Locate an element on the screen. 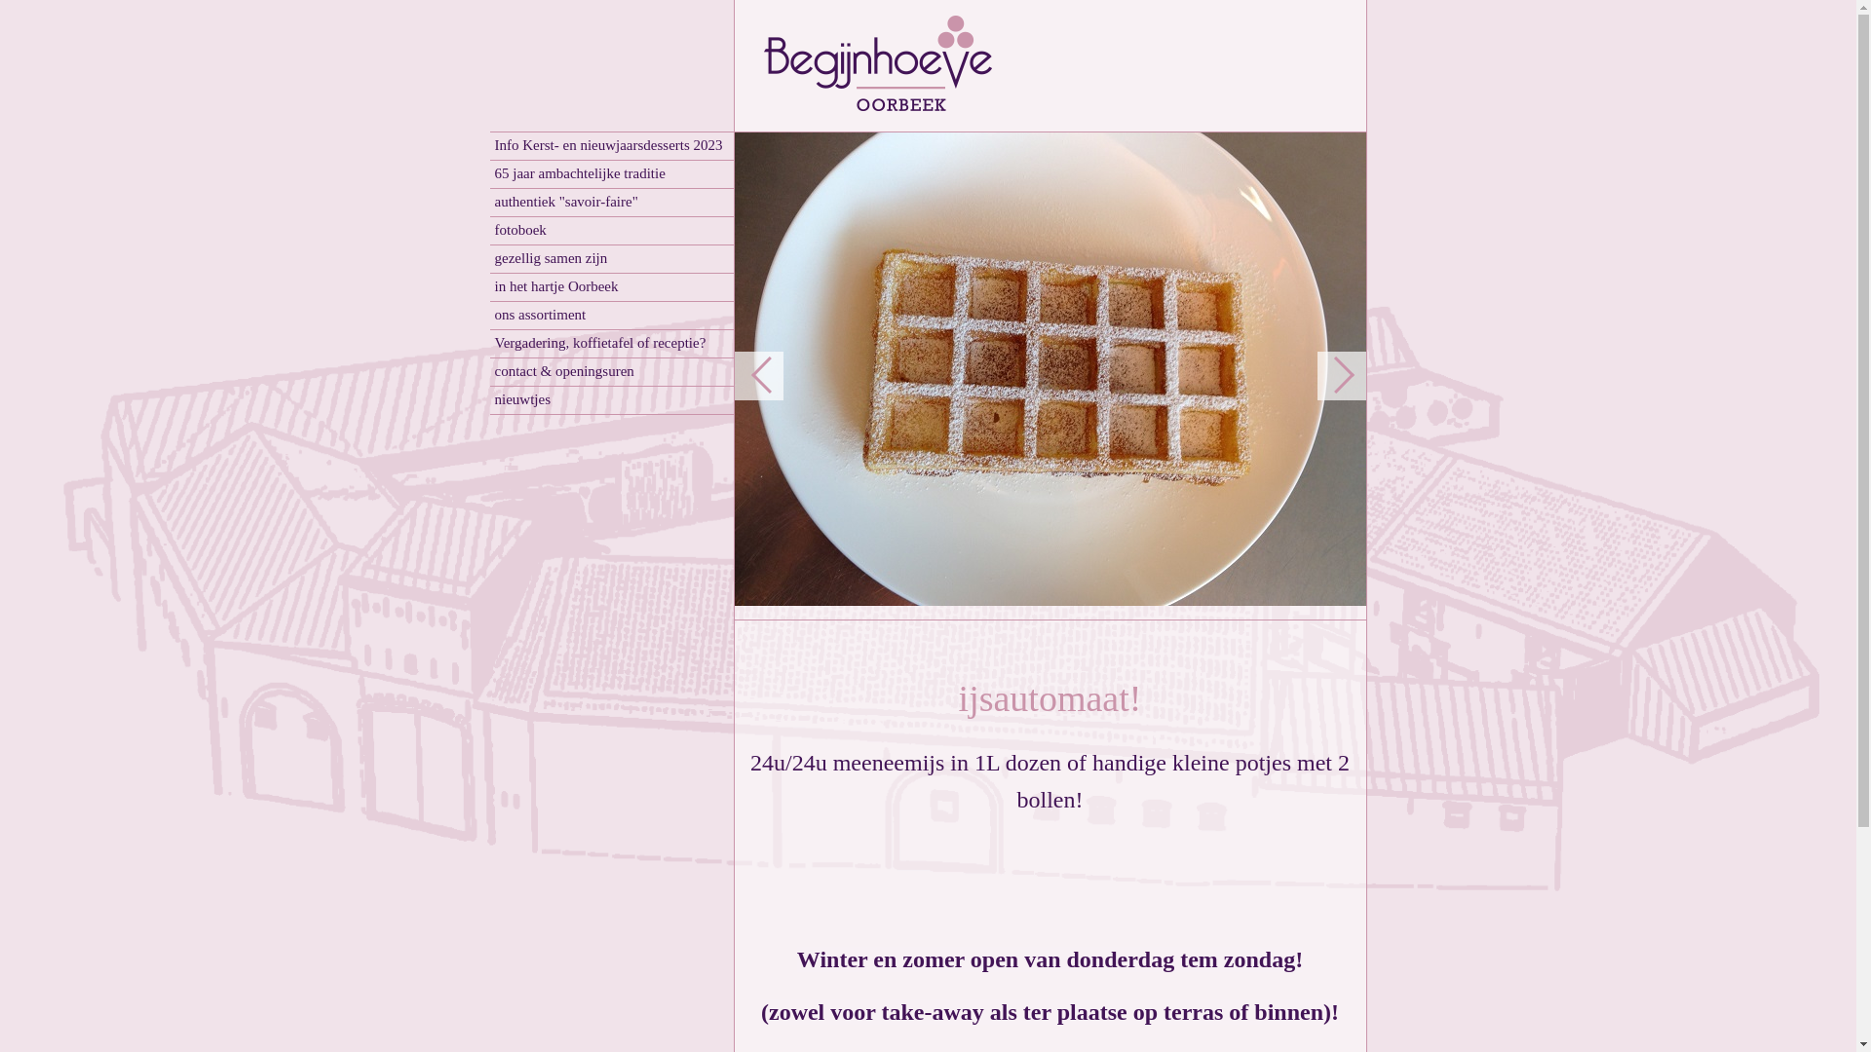 The height and width of the screenshot is (1052, 1871). '65 jaar ambachtelijke traditie' is located at coordinates (610, 173).